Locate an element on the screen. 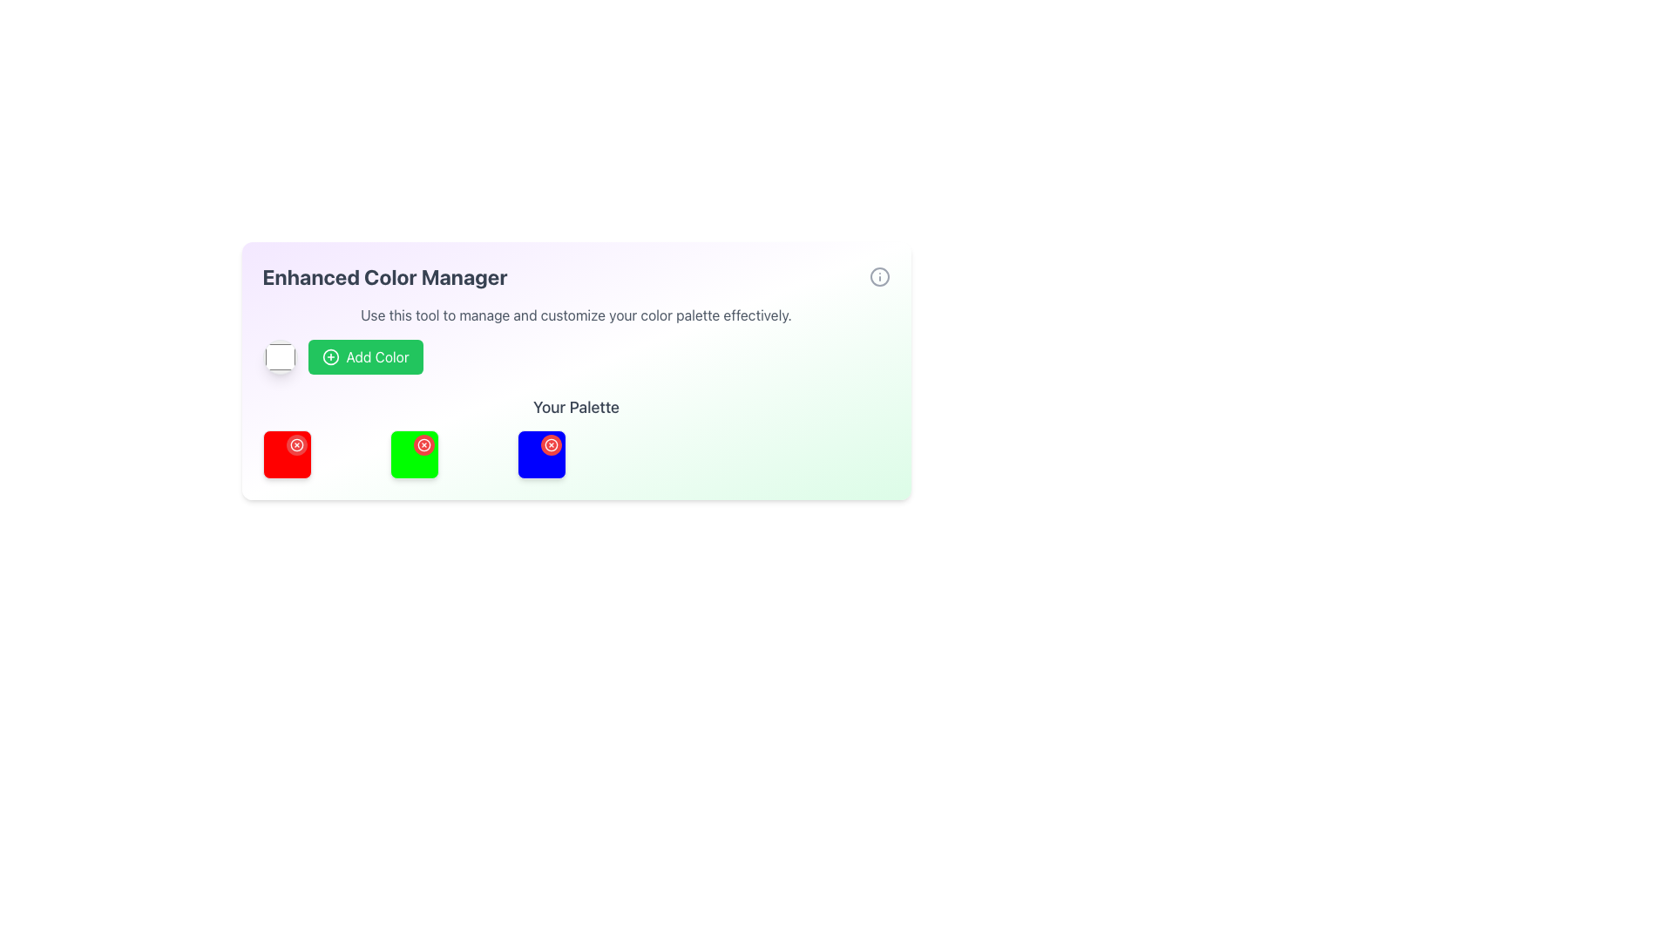  the 'Add Color' button, which is a green button located in a horizontal layout next to a color picker is located at coordinates (576, 355).